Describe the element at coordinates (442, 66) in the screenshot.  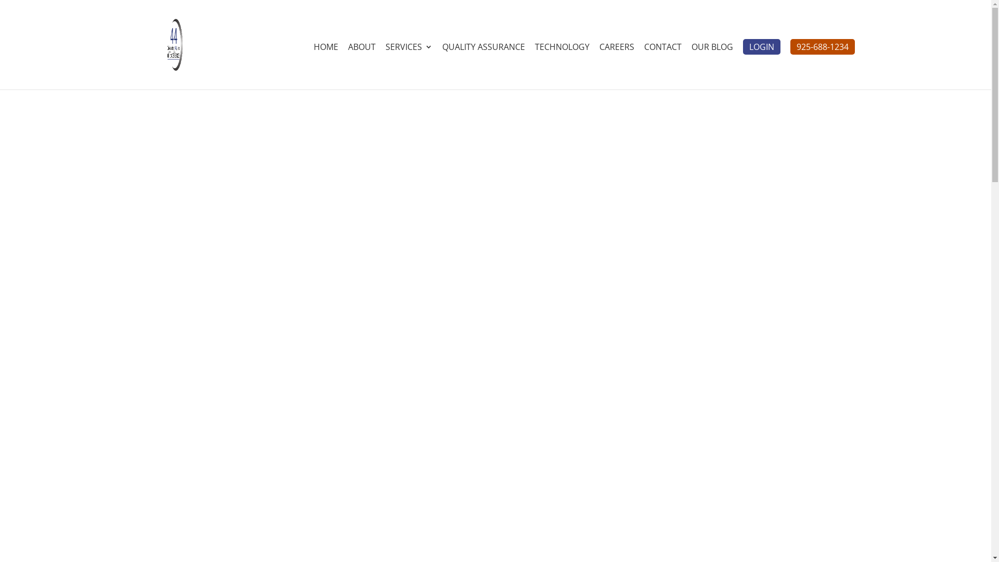
I see `'QUALITY ASSURANCE'` at that location.